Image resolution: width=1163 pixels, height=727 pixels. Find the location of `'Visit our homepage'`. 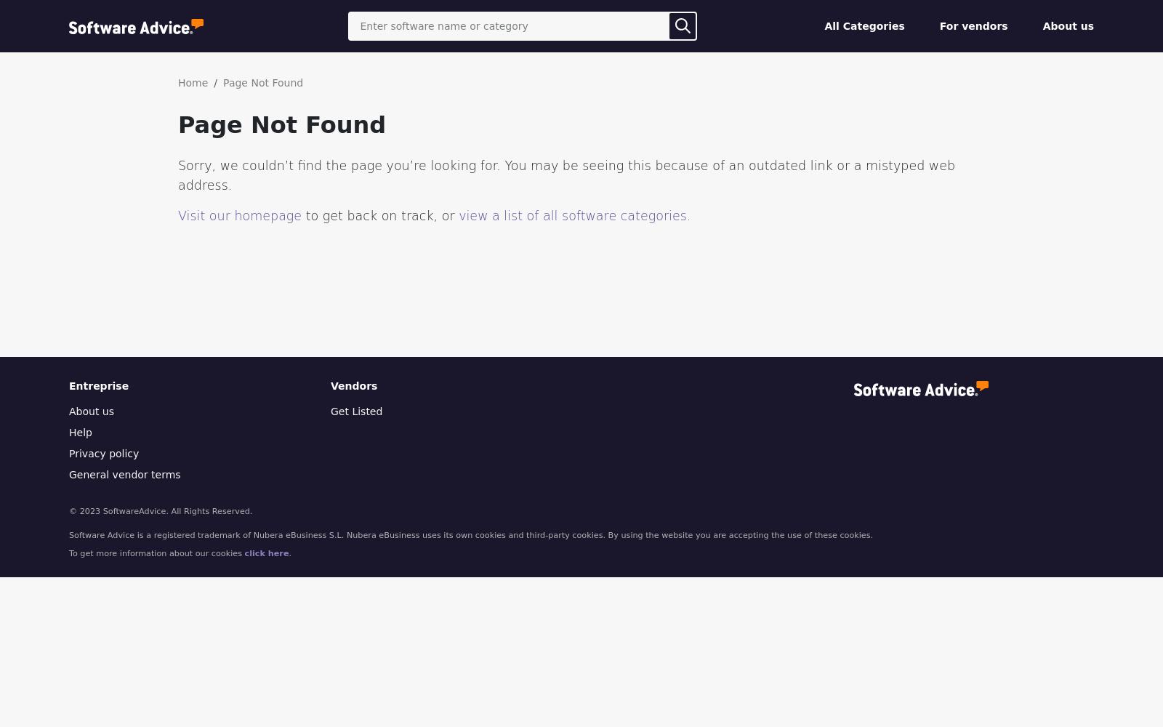

'Visit our homepage' is located at coordinates (240, 215).